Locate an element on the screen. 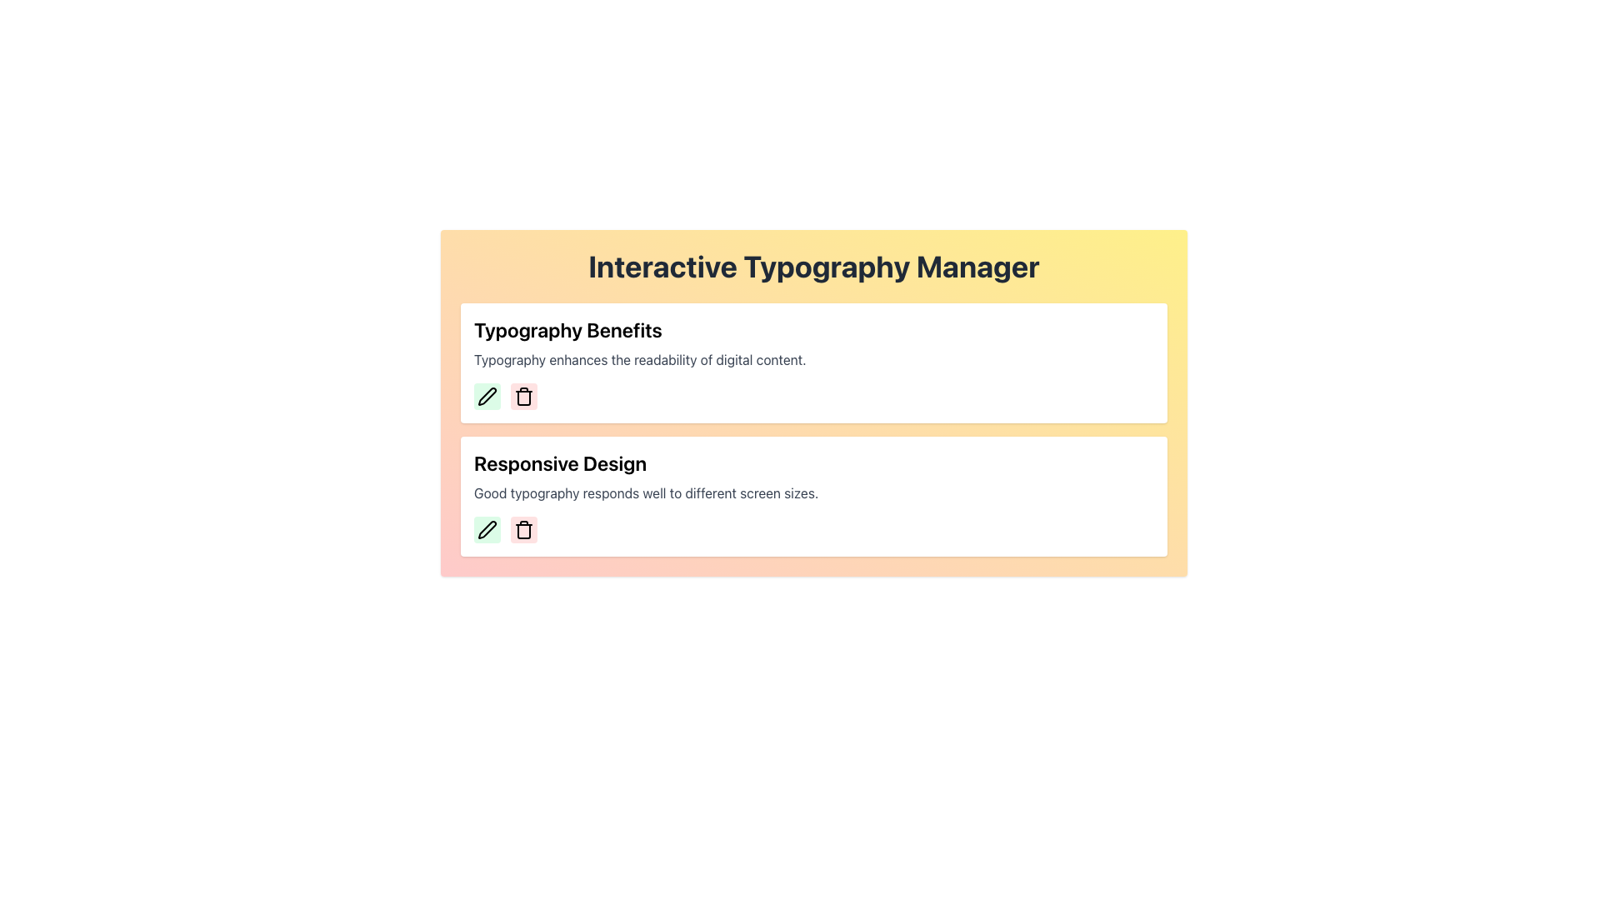  the trash can icon with a minimalist design, located within a light pink rounded rectangle background in the horizontal action bar under the 'Responsive Design' section to trigger a tooltip or visual feedback is located at coordinates (522, 396).